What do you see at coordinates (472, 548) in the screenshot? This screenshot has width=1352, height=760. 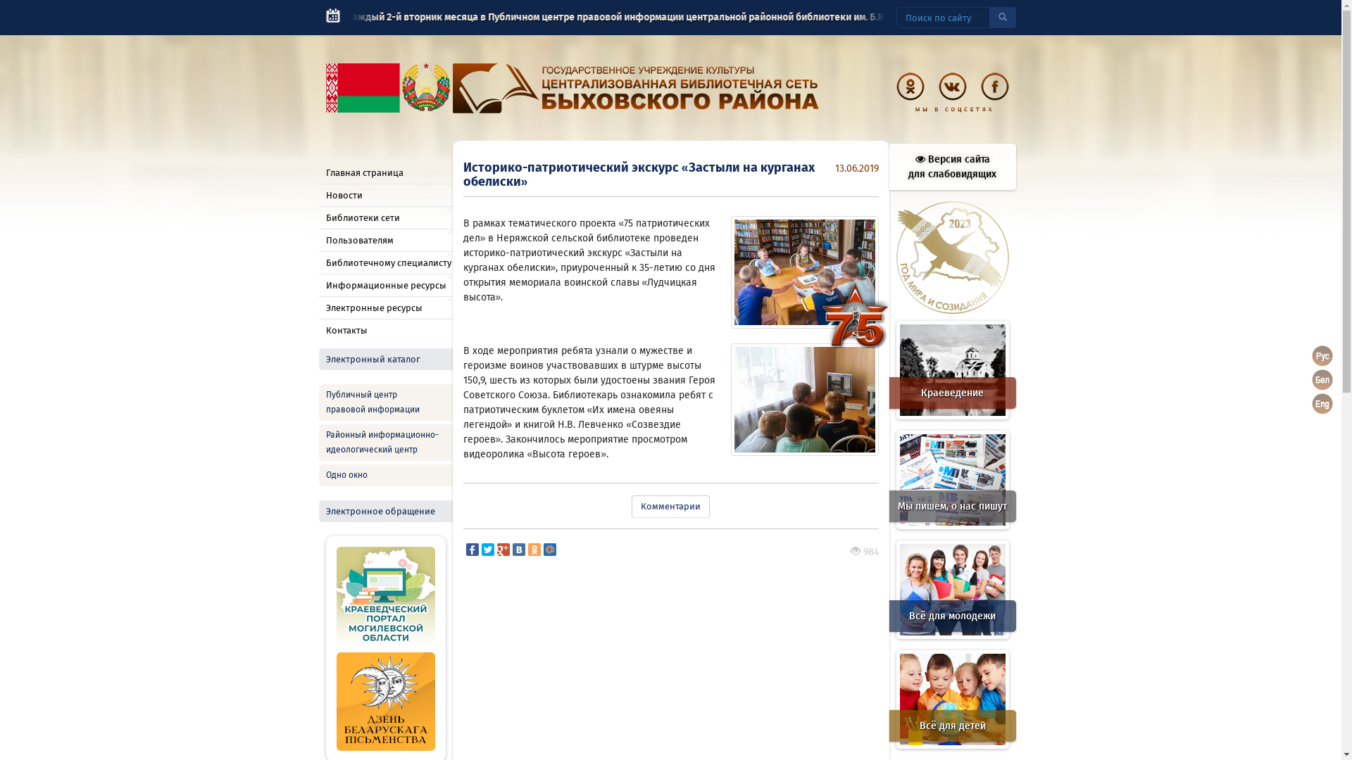 I see `'Facebook'` at bounding box center [472, 548].